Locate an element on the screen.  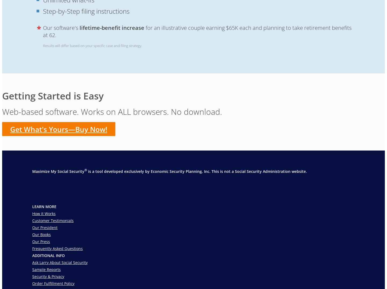
'Frequently Asked Questions' is located at coordinates (57, 248).